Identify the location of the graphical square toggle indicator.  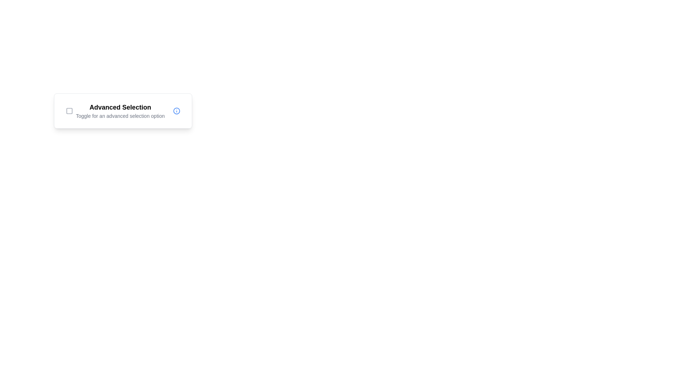
(69, 111).